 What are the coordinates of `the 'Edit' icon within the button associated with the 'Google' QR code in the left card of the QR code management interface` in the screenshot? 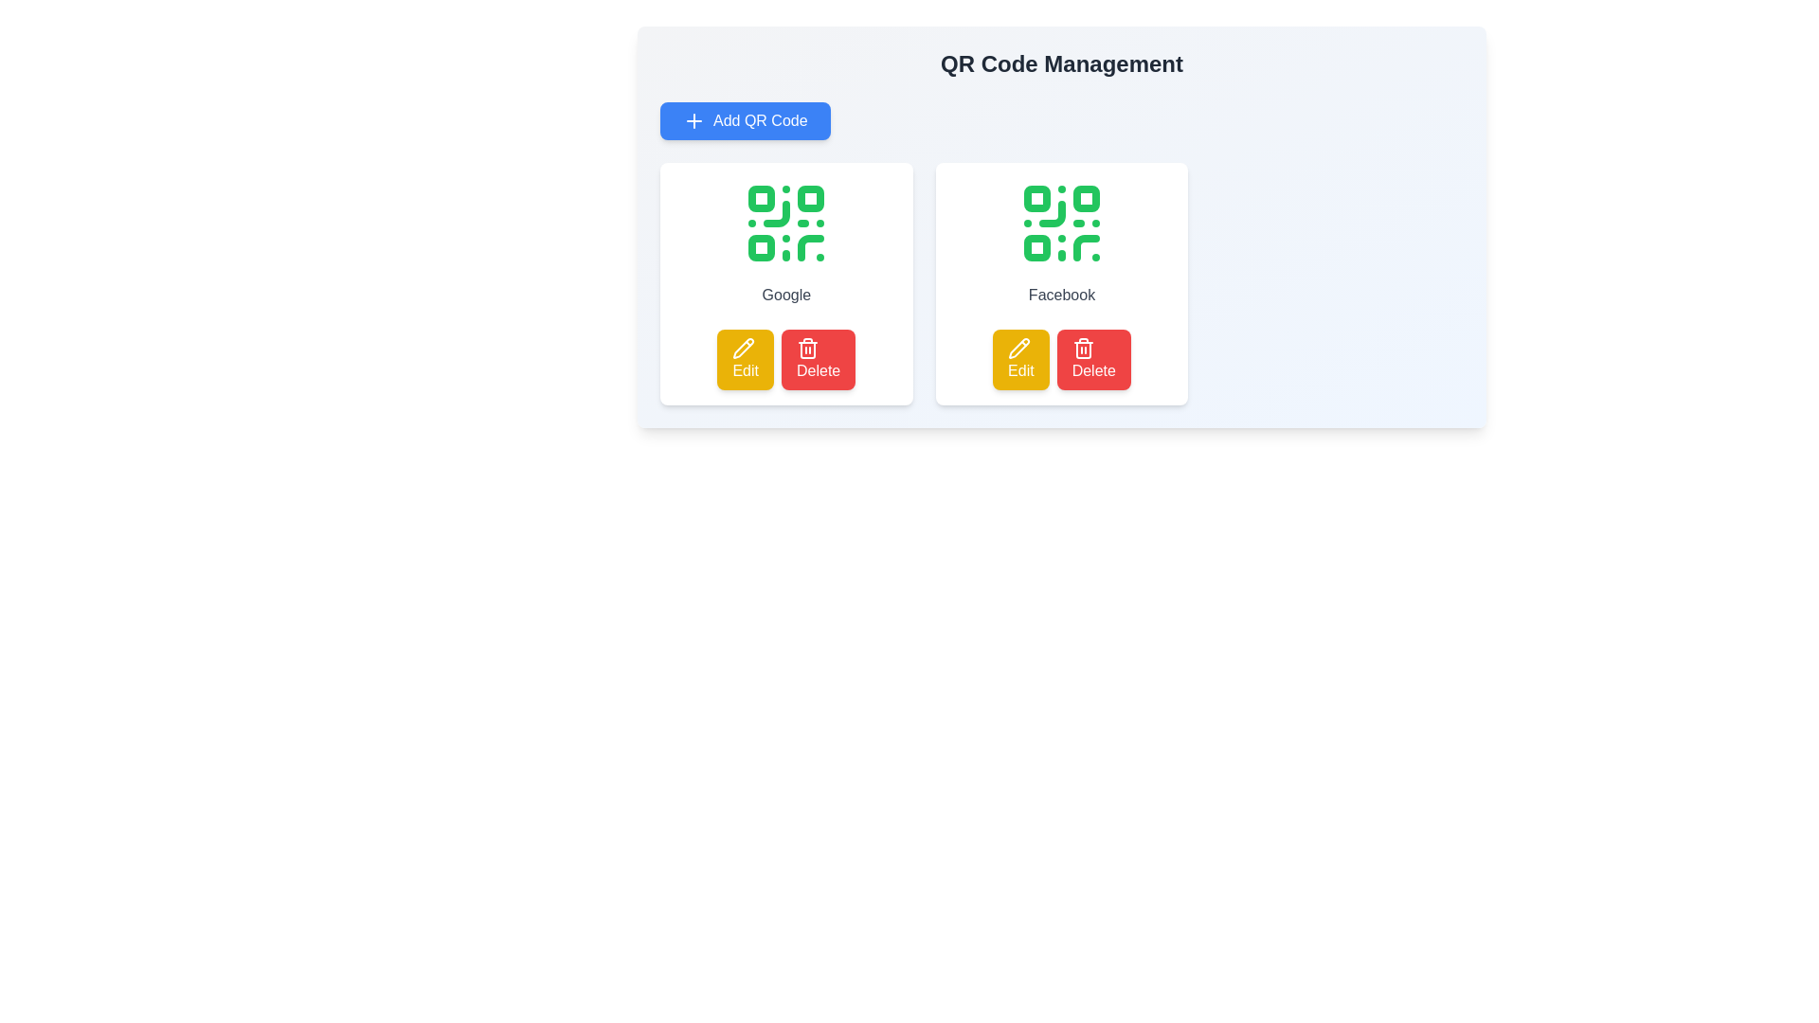 It's located at (743, 348).